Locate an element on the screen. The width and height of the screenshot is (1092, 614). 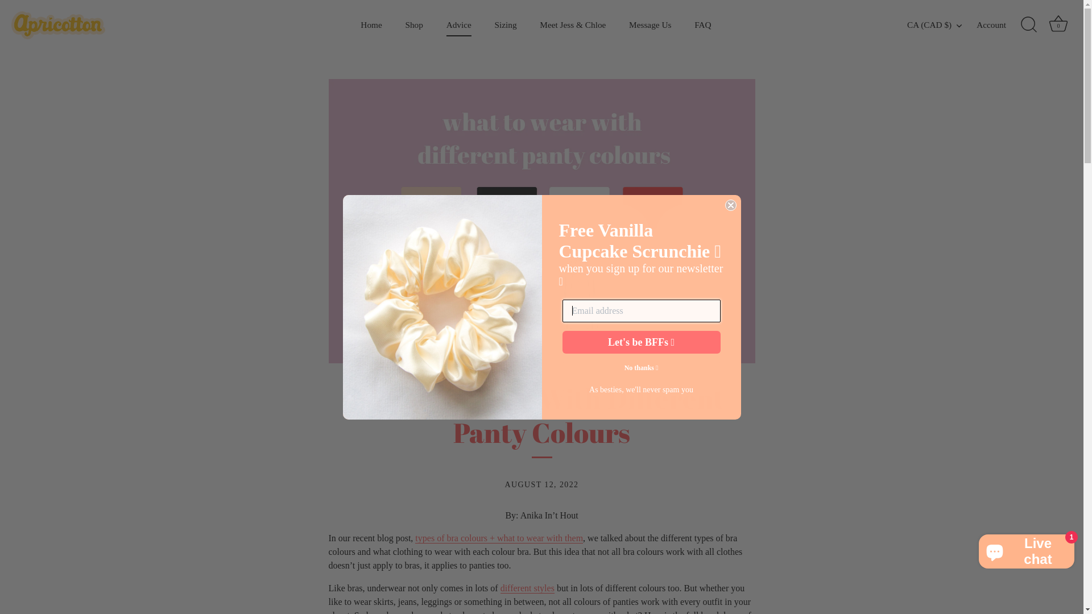
'Home' is located at coordinates (349, 25).